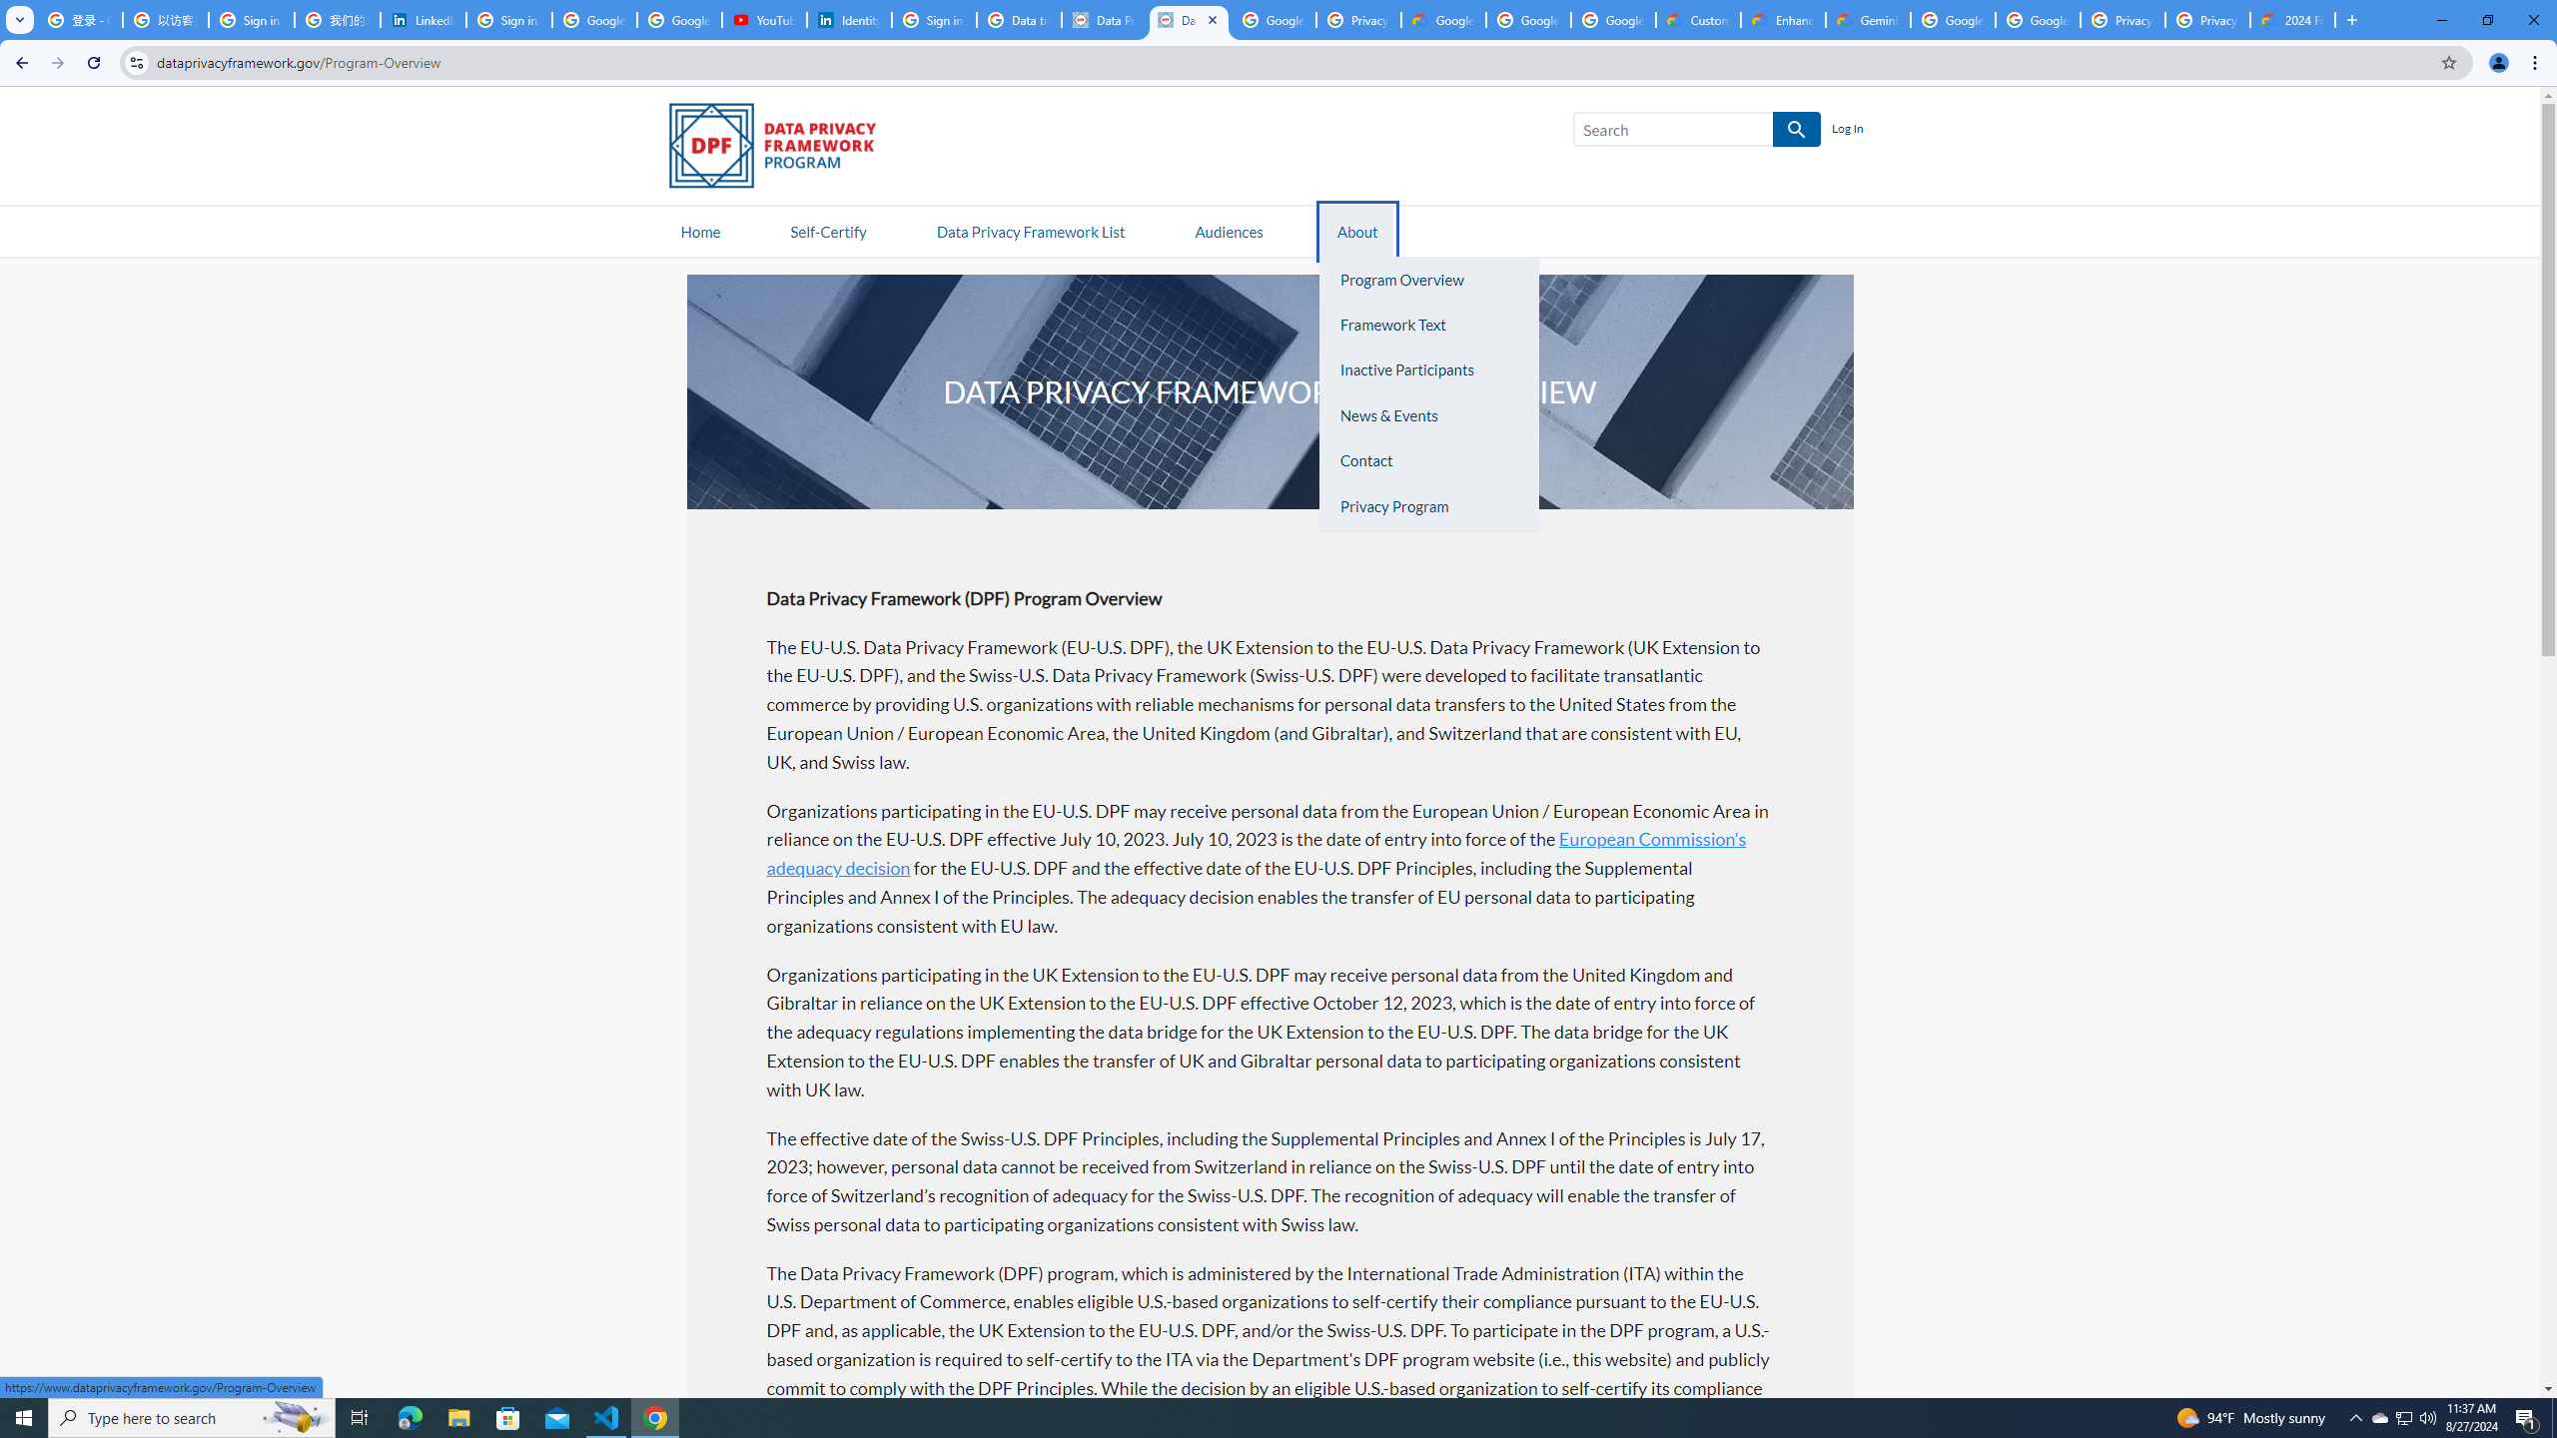 The image size is (2557, 1438). I want to click on 'SEARCH', so click(1795, 130).